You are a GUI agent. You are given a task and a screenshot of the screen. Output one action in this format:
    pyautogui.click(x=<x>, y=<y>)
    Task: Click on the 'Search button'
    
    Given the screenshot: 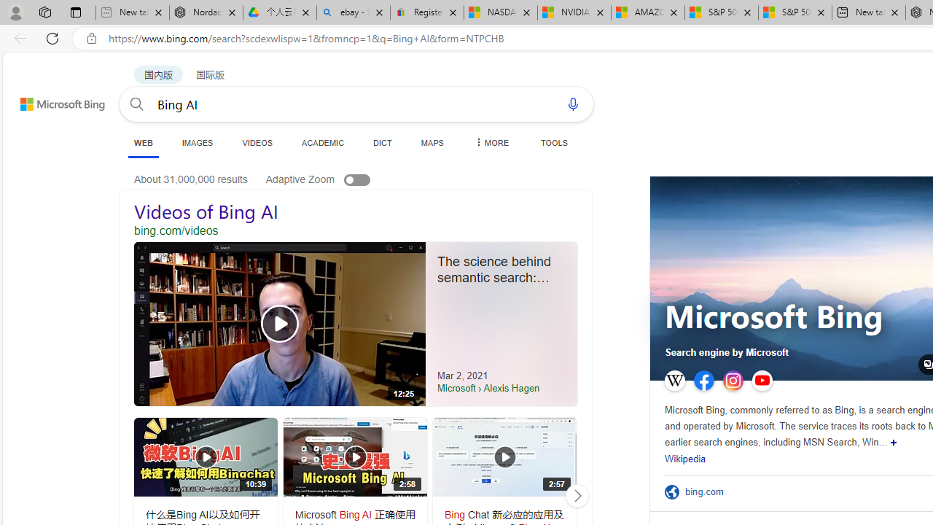 What is the action you would take?
    pyautogui.click(x=136, y=103)
    